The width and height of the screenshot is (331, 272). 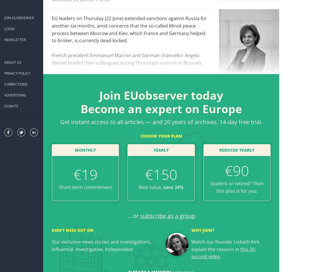 What do you see at coordinates (145, 174) in the screenshot?
I see `'€150'` at bounding box center [145, 174].